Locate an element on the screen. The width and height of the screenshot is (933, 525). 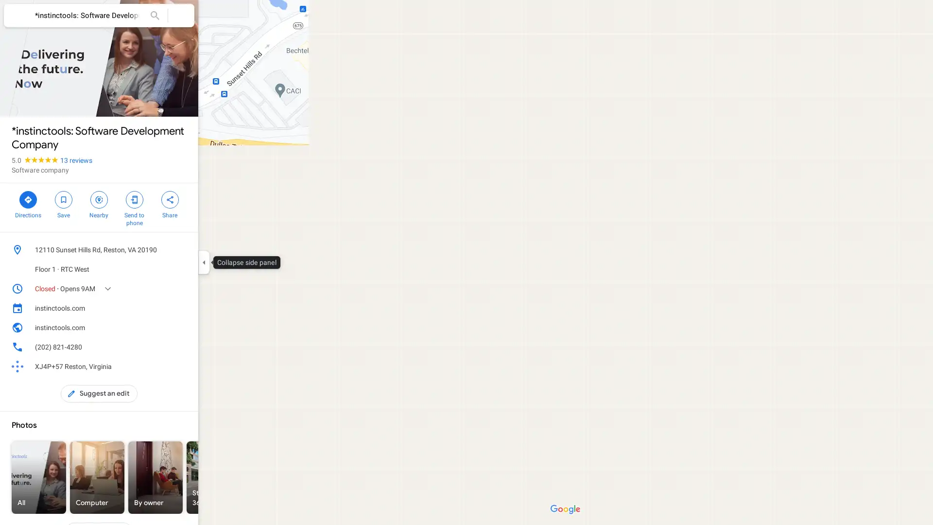
Copy website is located at coordinates (182, 328).